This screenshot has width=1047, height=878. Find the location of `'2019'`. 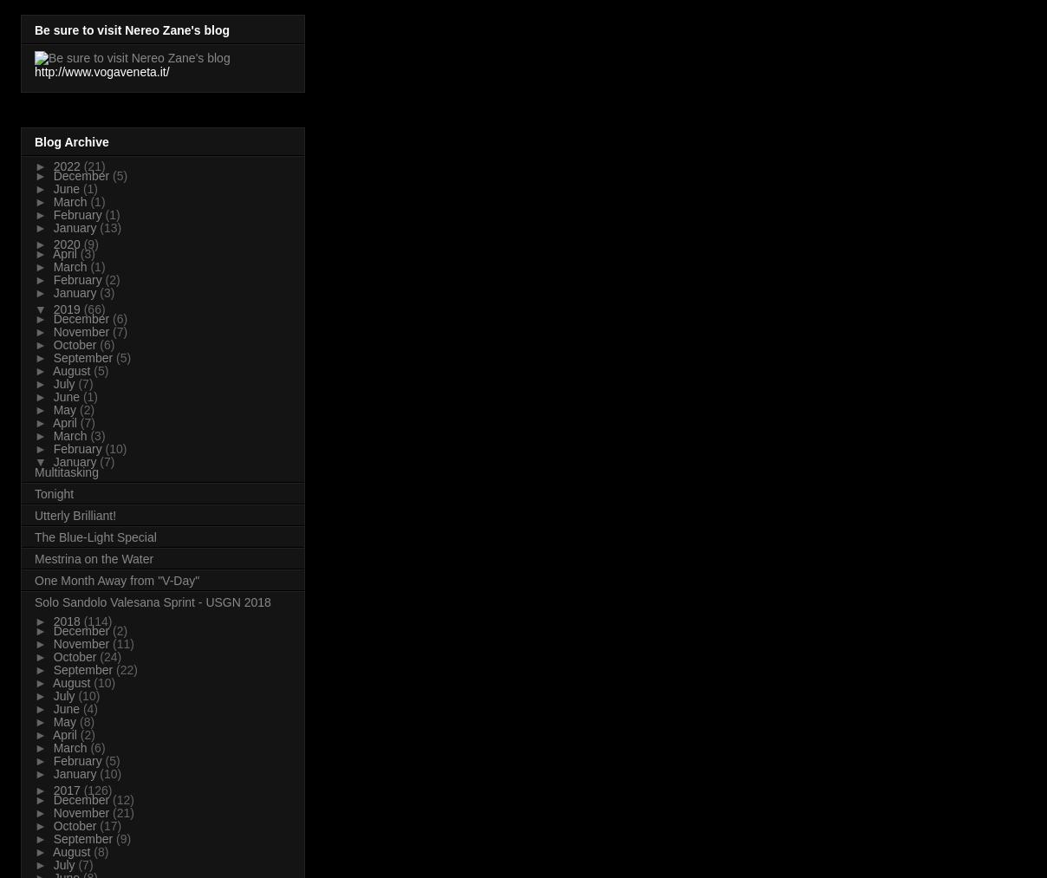

'2019' is located at coordinates (67, 308).